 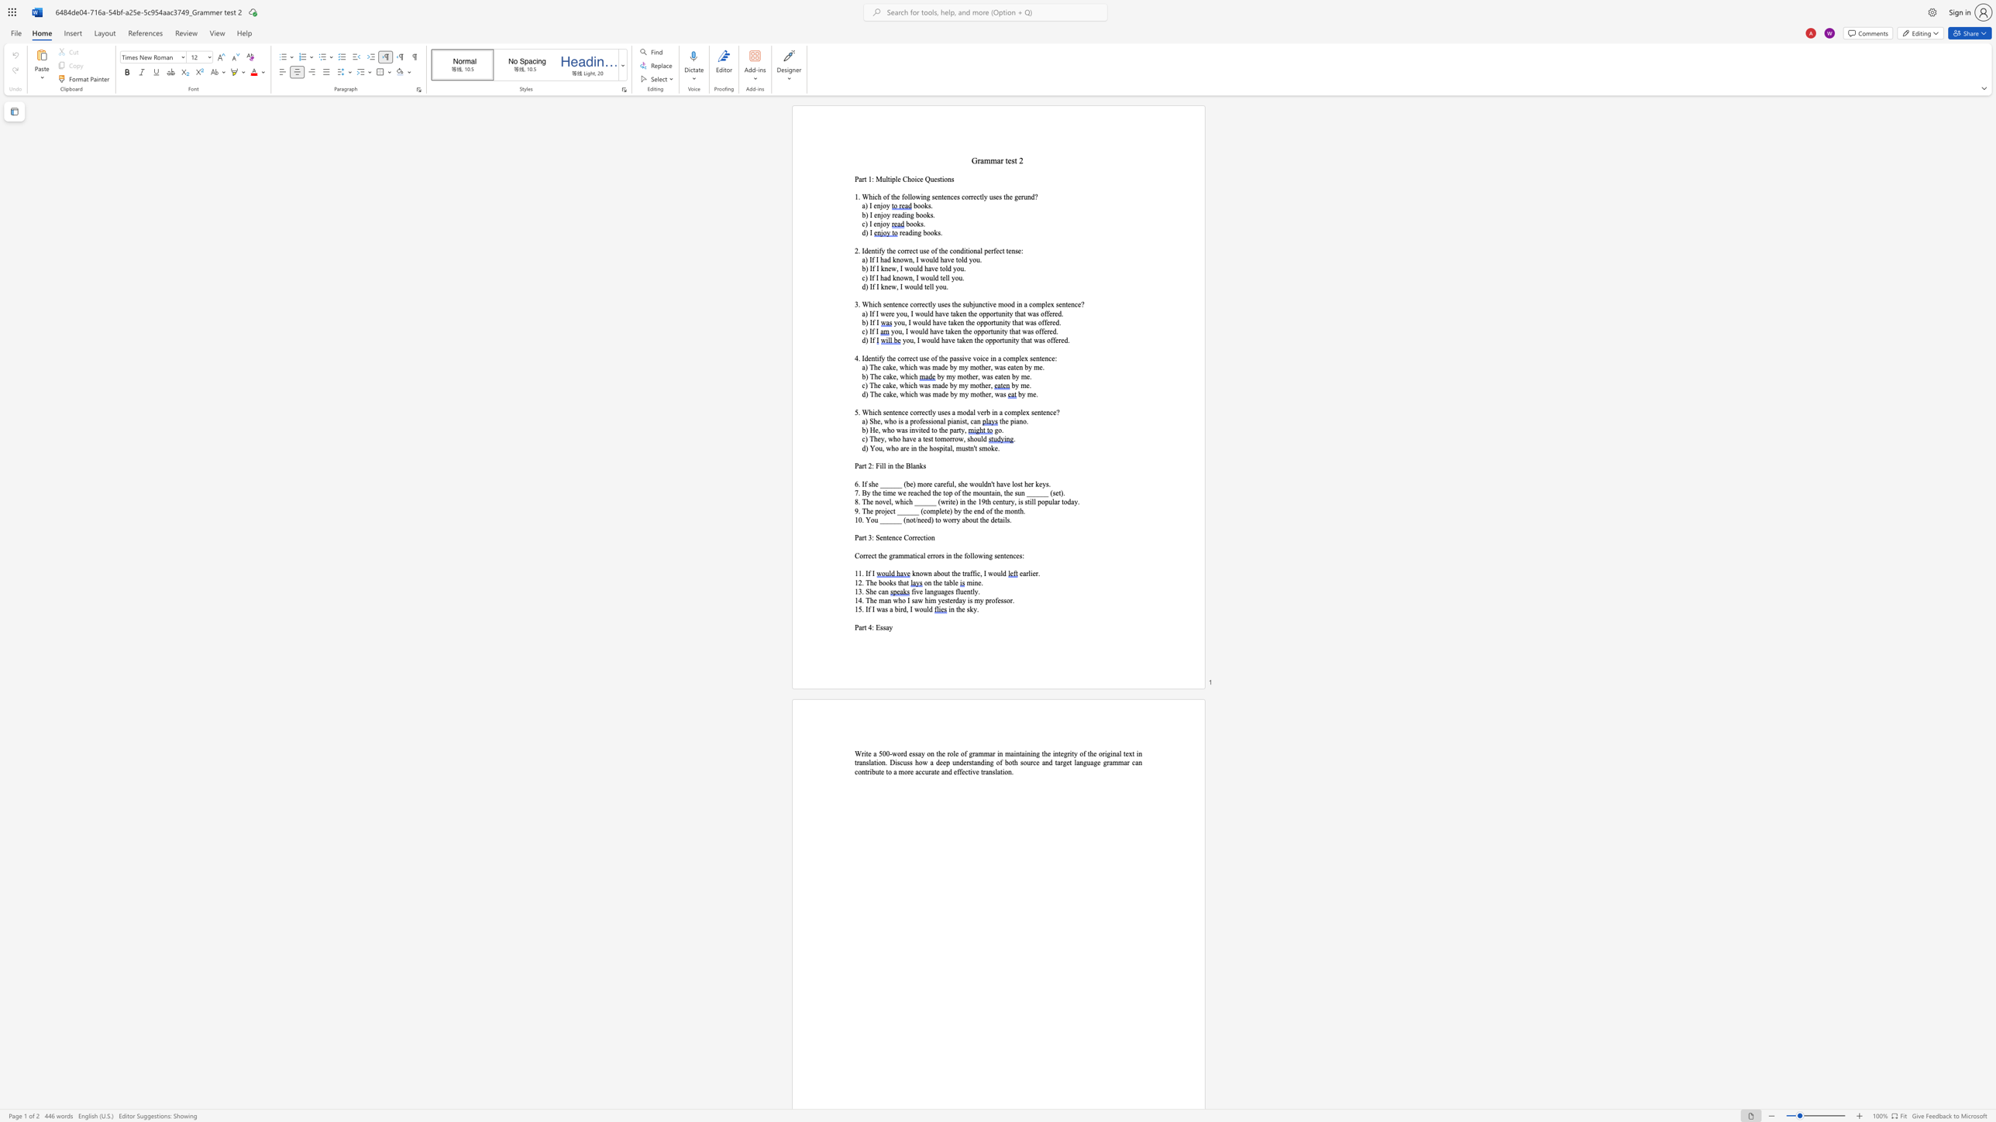 I want to click on the subset text "plex sen" within the text "3. Which sentence correctly uses the subjunctive mood in a complex sentence?", so click(x=1041, y=304).